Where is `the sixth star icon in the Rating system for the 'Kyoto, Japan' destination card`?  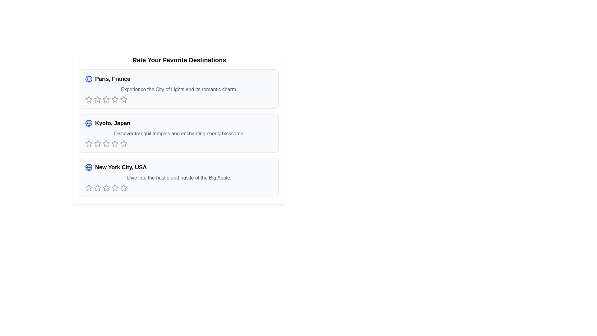
the sixth star icon in the Rating system for the 'Kyoto, Japan' destination card is located at coordinates (124, 144).